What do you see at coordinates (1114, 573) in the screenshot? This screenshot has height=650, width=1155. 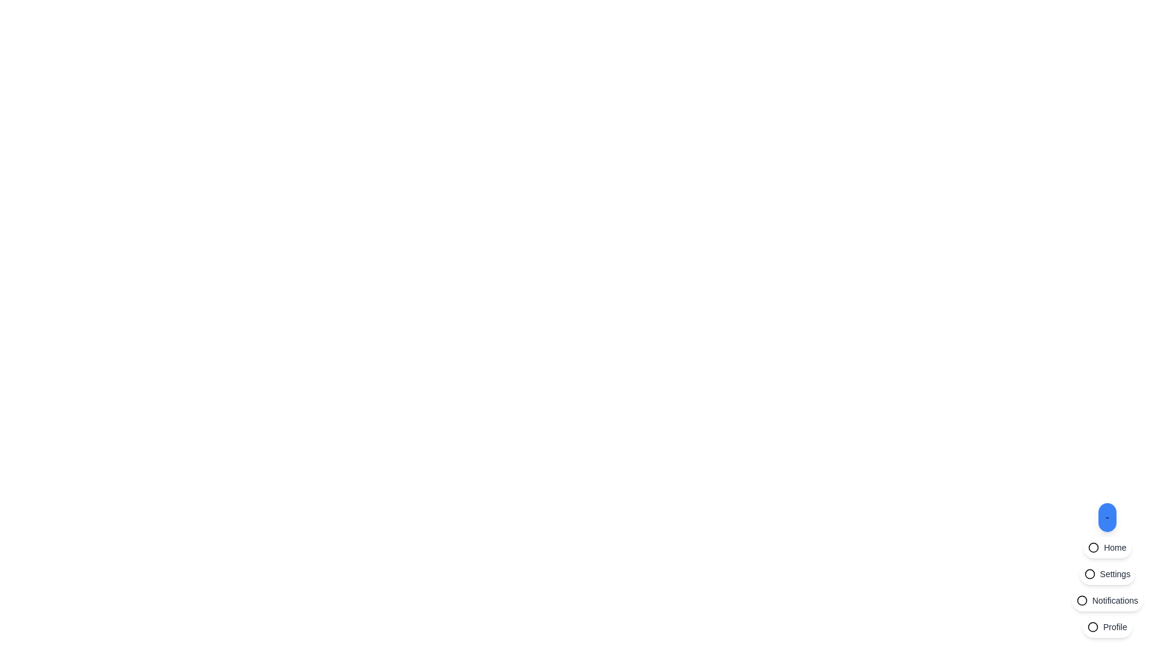 I see `the 'Settings' text label element, which displays the word 'Settings' in a small-sized gray font in the sidebar, positioned below 'Home' and above 'Notifications'` at bounding box center [1114, 573].